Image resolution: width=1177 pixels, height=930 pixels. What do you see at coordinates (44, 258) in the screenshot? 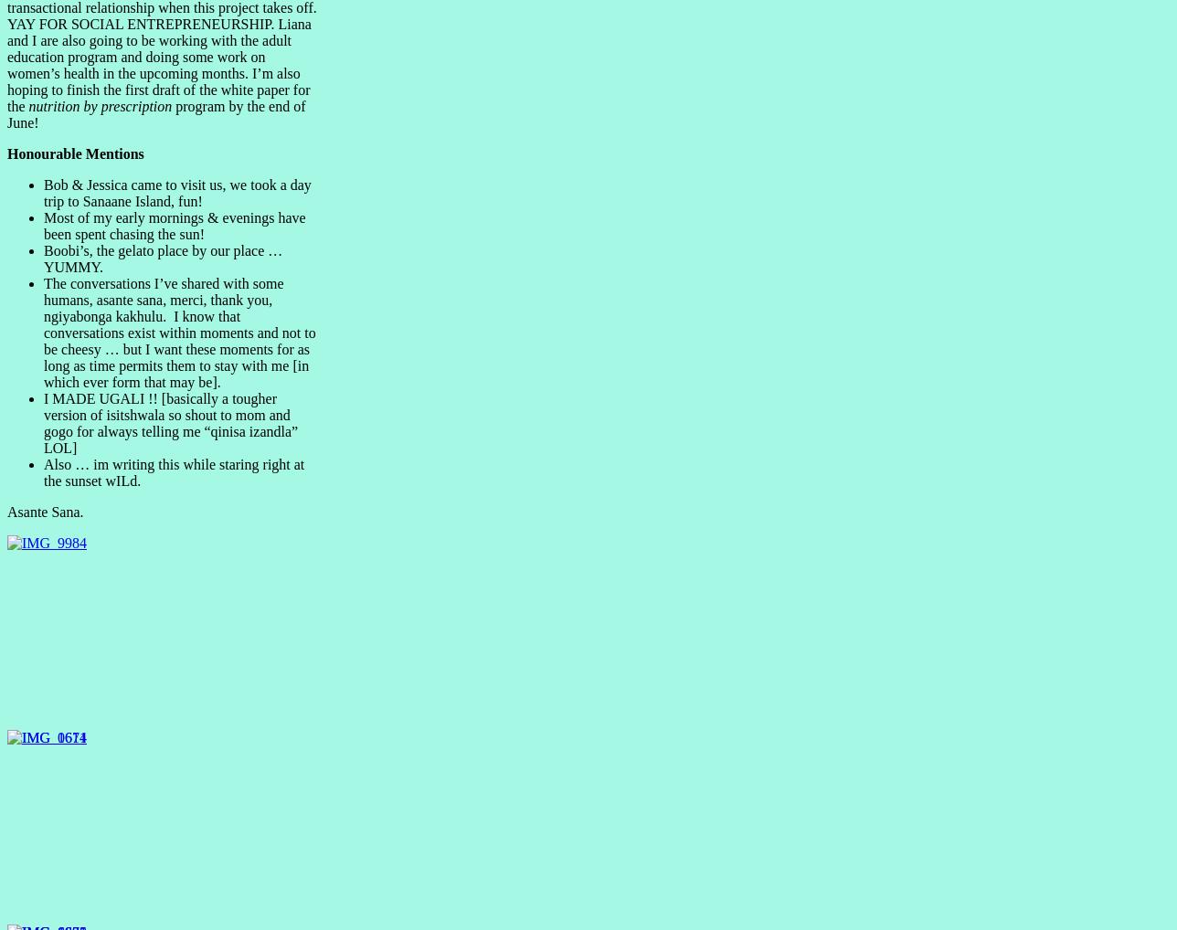
I see `'Boobi’s, the gelato place by our place … YUMMY.'` at bounding box center [44, 258].